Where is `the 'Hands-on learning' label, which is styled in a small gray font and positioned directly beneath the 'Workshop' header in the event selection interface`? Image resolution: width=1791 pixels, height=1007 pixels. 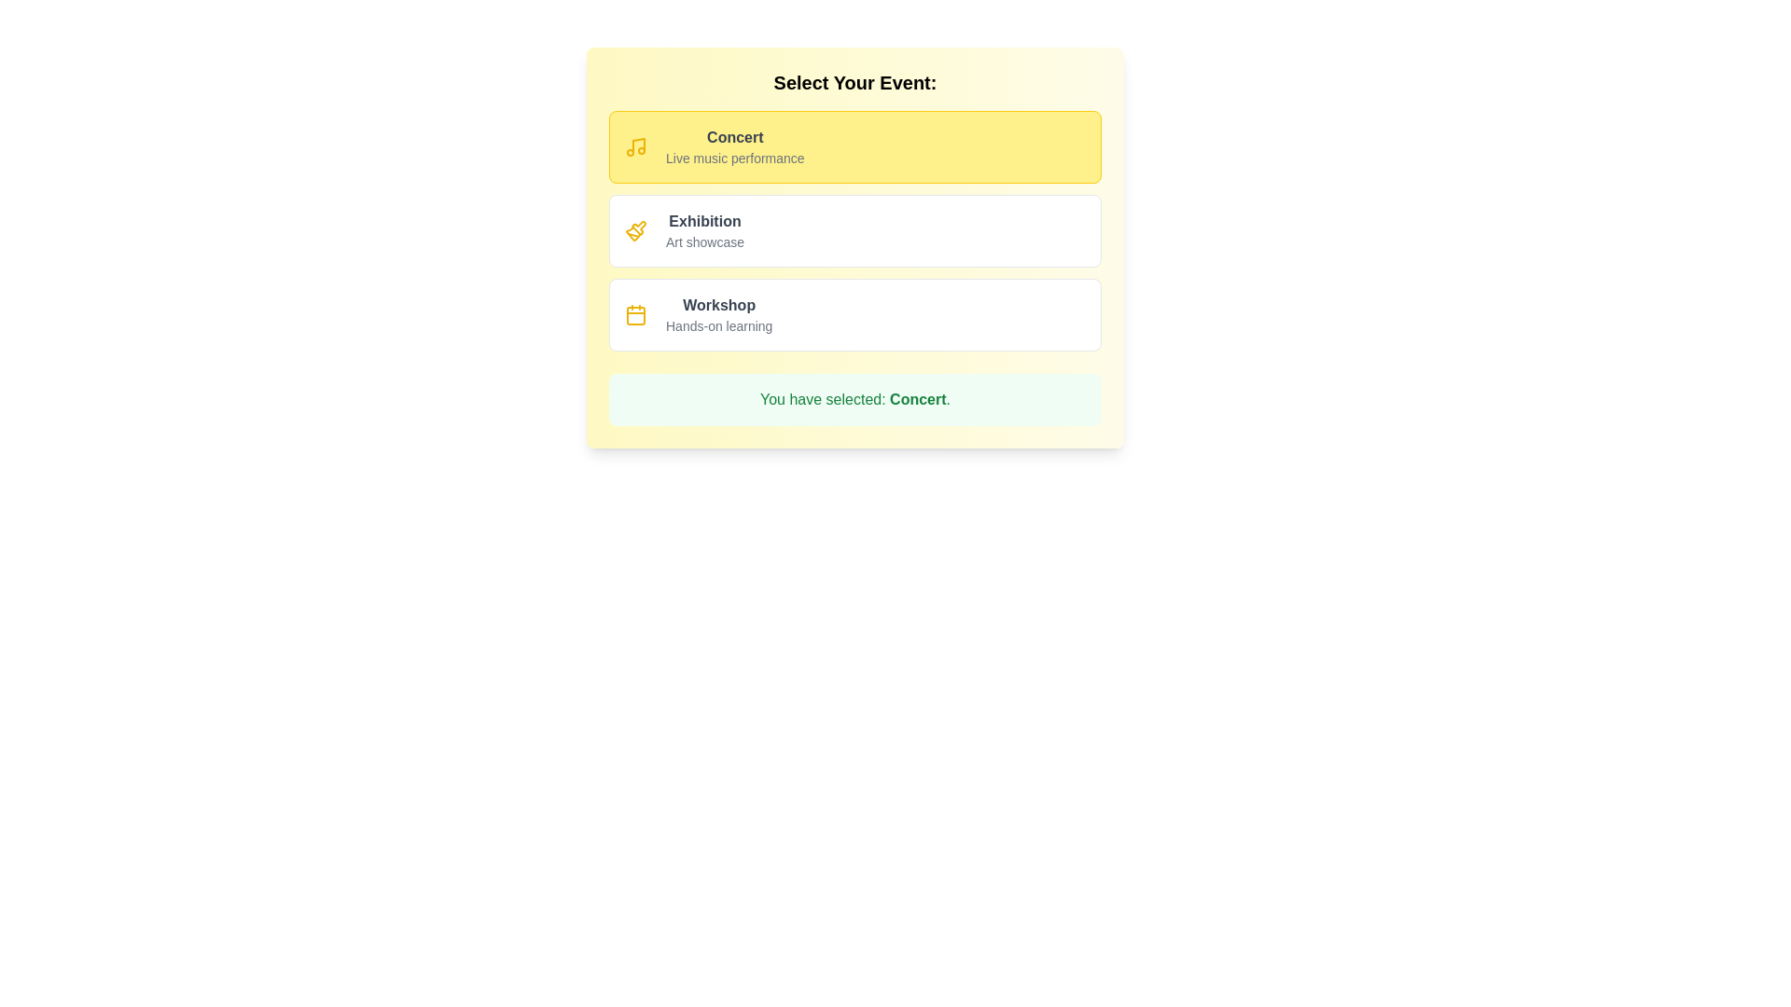
the 'Hands-on learning' label, which is styled in a small gray font and positioned directly beneath the 'Workshop' header in the event selection interface is located at coordinates (718, 325).